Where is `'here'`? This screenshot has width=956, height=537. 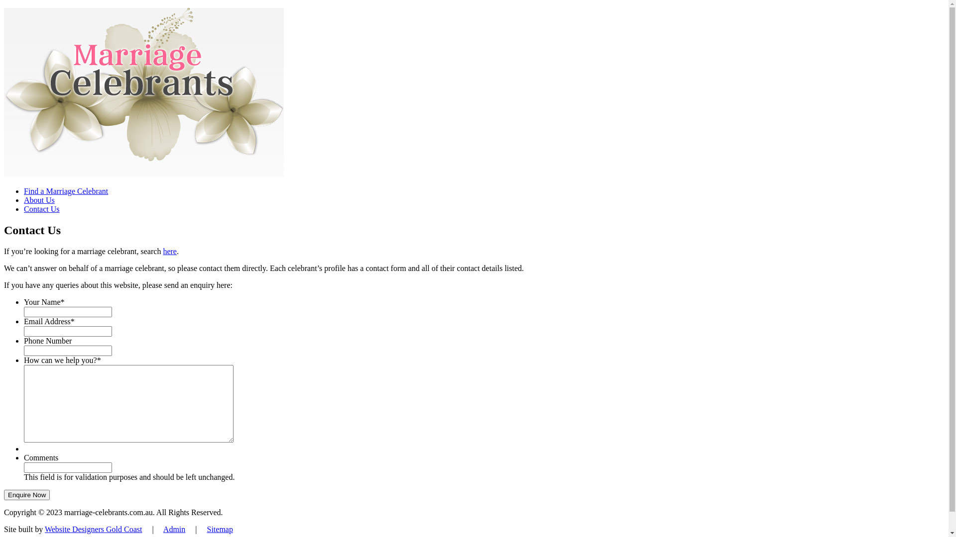
'here' is located at coordinates (162, 251).